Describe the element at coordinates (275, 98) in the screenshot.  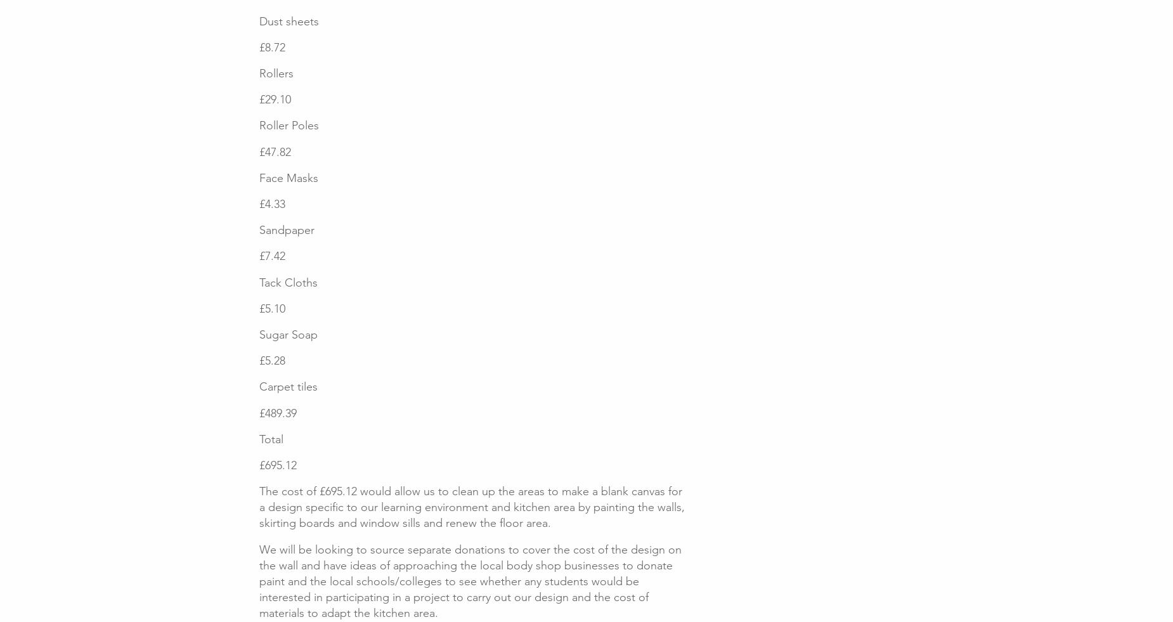
I see `'£29.10'` at that location.